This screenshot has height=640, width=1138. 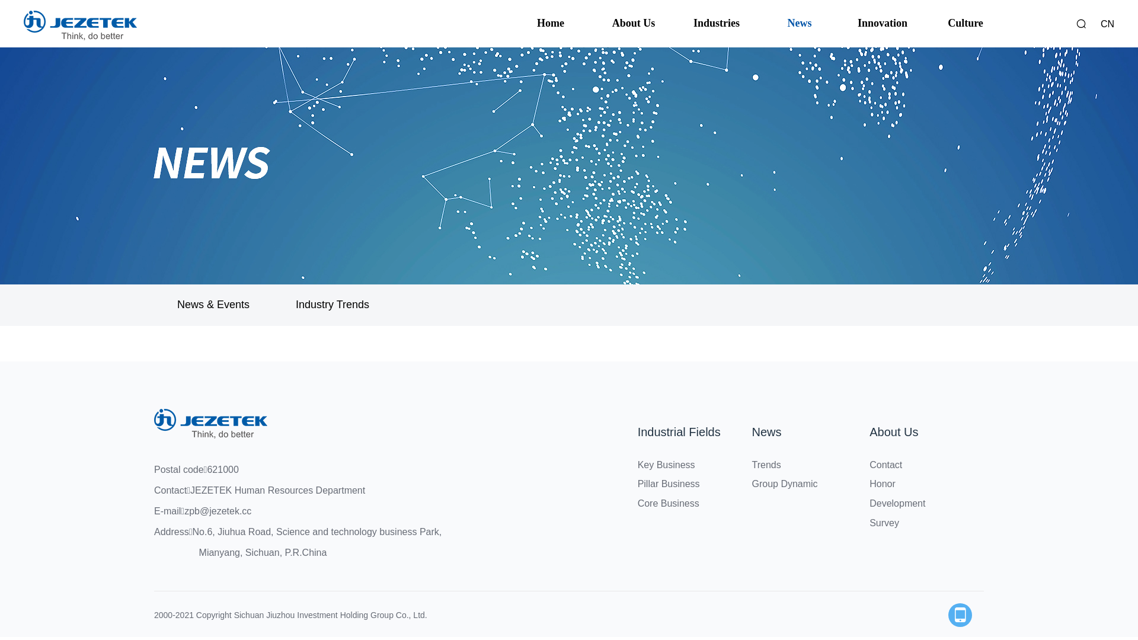 I want to click on 'Survey', so click(x=884, y=522).